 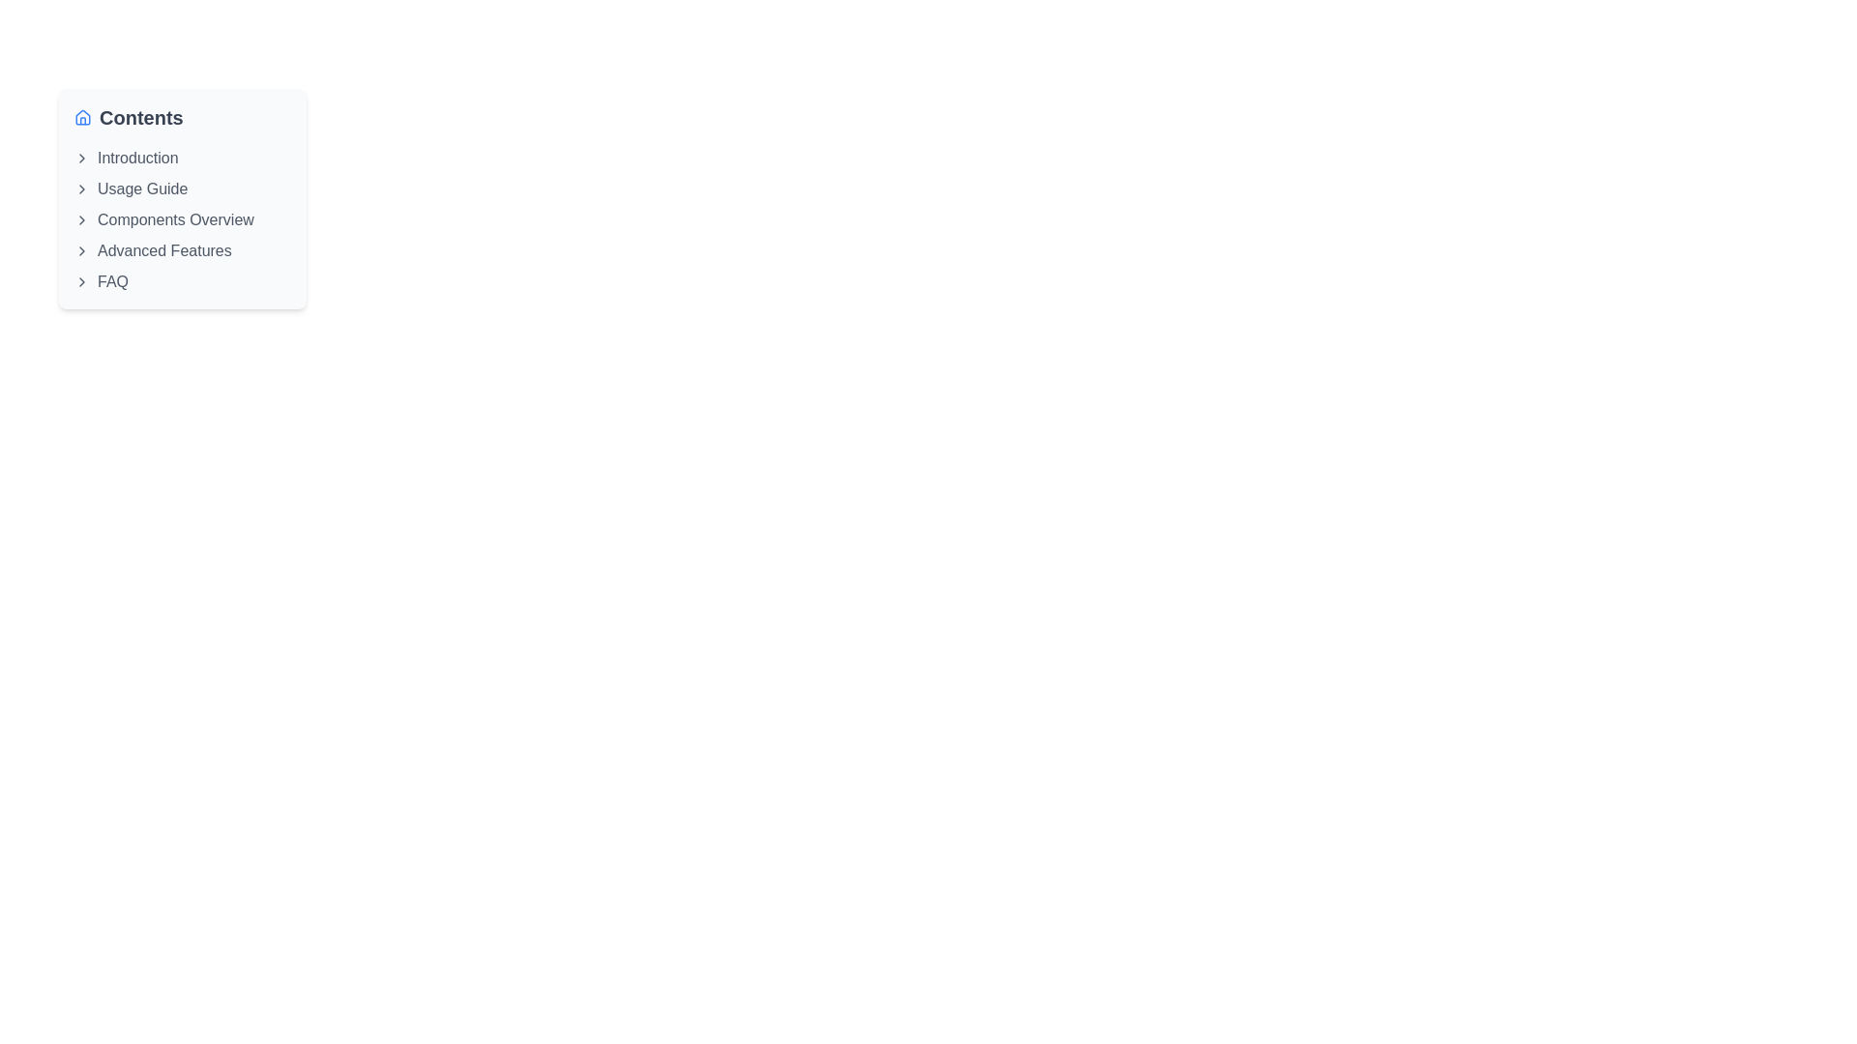 What do you see at coordinates (82, 118) in the screenshot?
I see `the blue house icon, which serves as a home or main menu indicator, located to the left of the text 'Contents'` at bounding box center [82, 118].